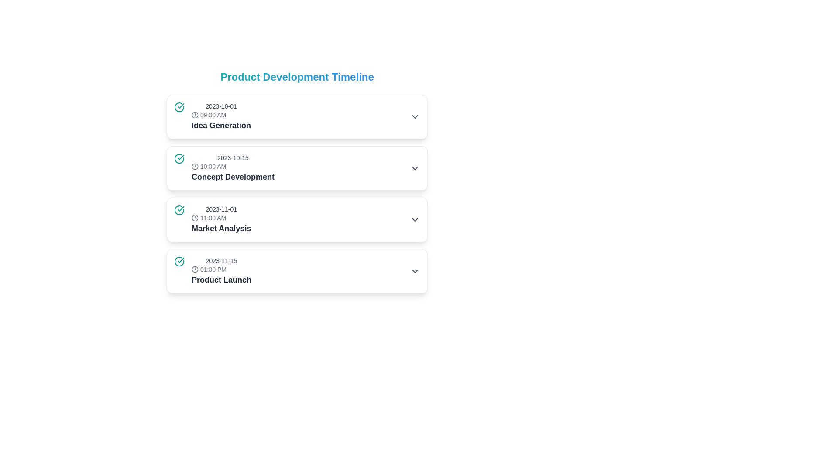 This screenshot has height=471, width=838. I want to click on the downward-pointing chevron arrow icon toggle button located at the far-right edge of the row displaying '2023-11-01 11:00 AM Market Analysis', so click(414, 219).